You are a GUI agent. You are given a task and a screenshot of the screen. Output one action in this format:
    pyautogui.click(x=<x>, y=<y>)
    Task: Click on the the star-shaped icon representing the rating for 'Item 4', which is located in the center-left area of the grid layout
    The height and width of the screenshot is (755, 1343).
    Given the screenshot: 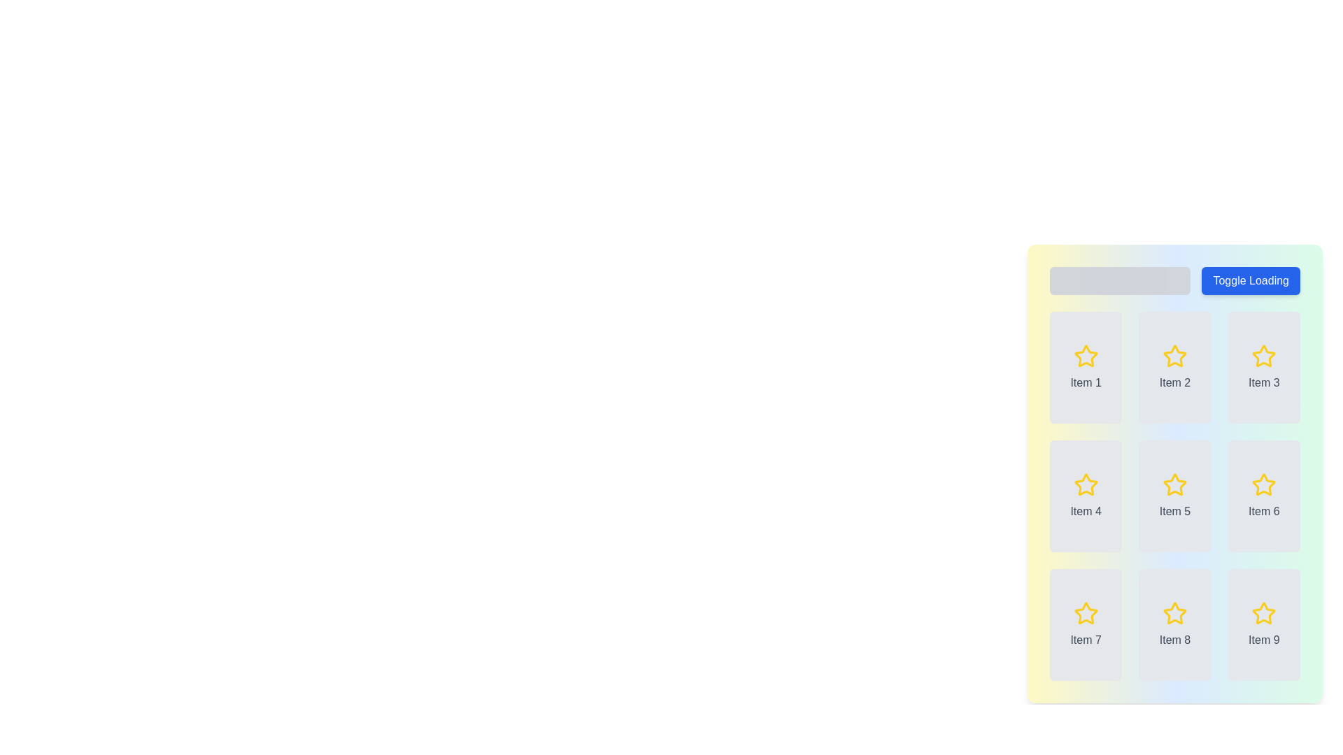 What is the action you would take?
    pyautogui.click(x=1085, y=484)
    